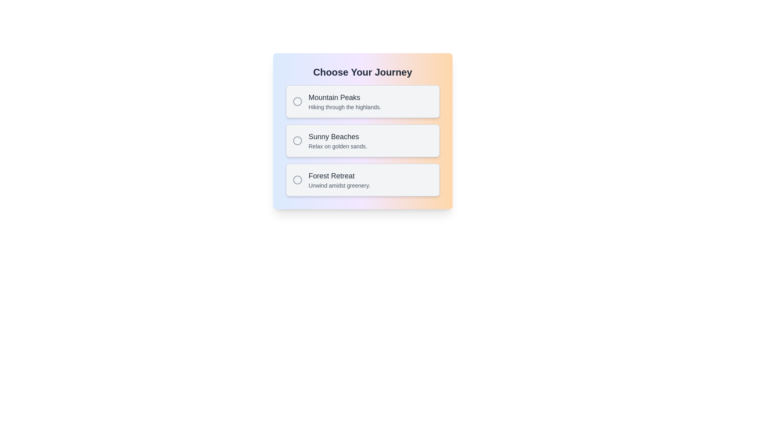  What do you see at coordinates (345, 97) in the screenshot?
I see `the 'Mountain Peaks' text label, which is styled in dark gray and is located in the first card under 'Choose Your Journey'` at bounding box center [345, 97].